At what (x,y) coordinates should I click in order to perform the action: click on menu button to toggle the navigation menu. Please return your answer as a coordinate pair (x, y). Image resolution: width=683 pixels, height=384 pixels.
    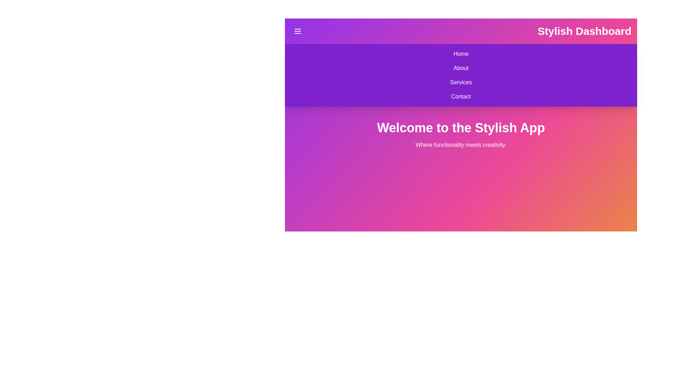
    Looking at the image, I should click on (297, 31).